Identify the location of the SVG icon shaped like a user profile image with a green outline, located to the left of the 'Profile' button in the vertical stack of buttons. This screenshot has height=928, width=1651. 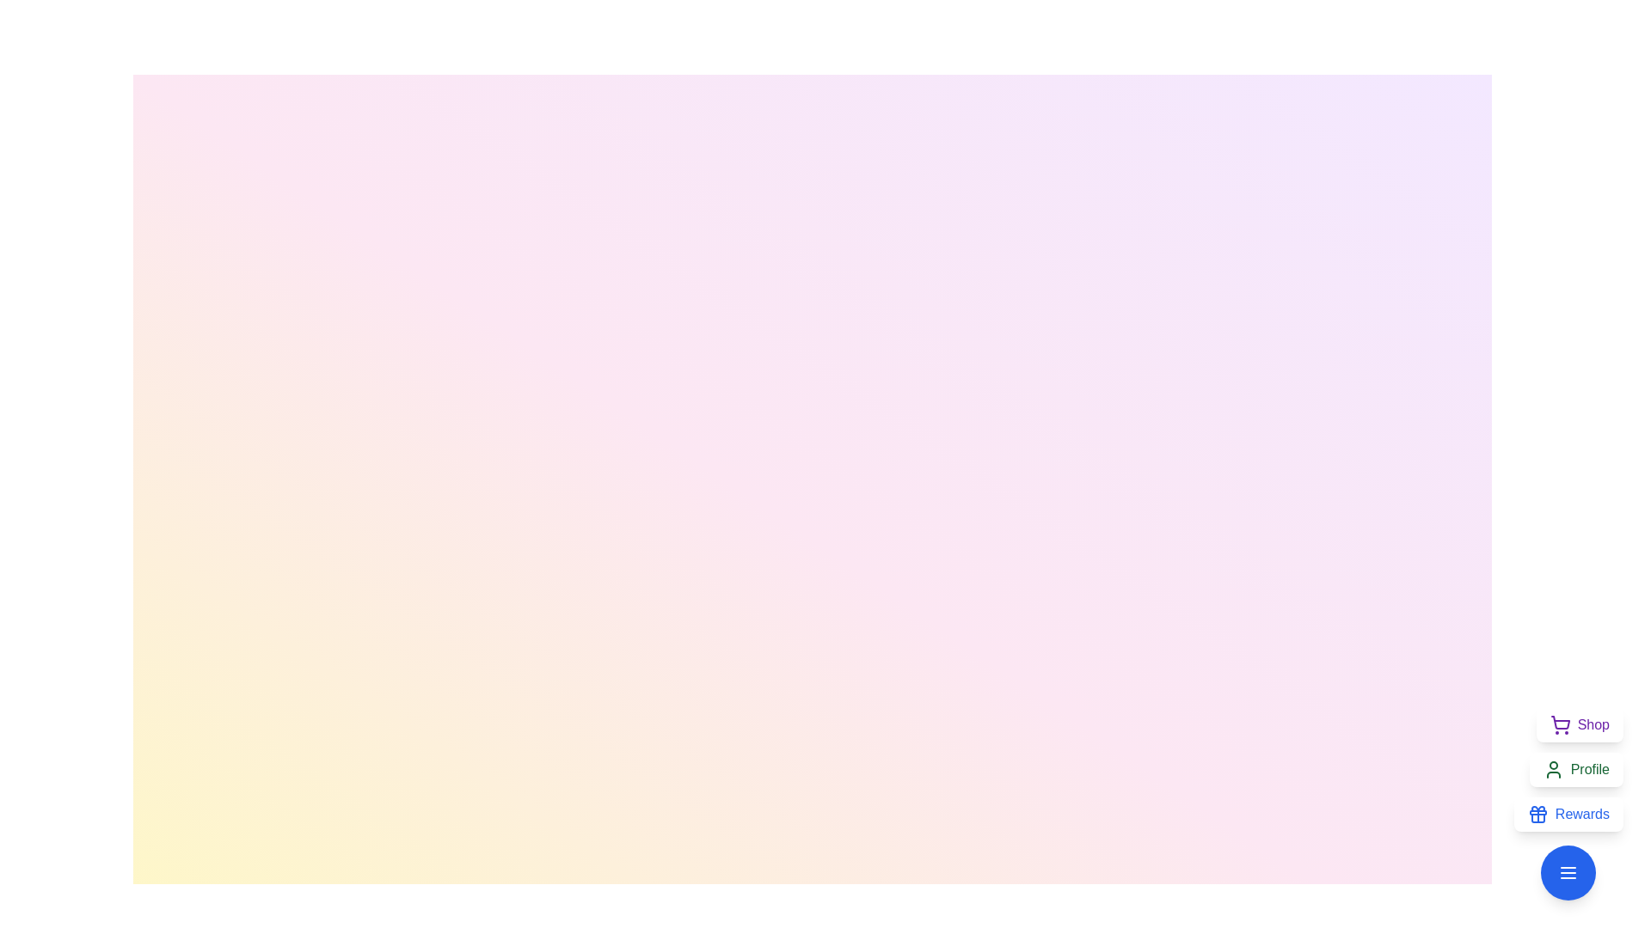
(1553, 768).